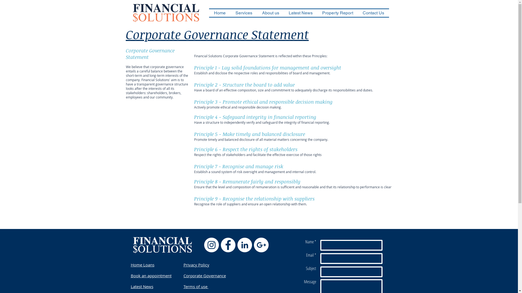 Image resolution: width=522 pixels, height=293 pixels. What do you see at coordinates (204, 275) in the screenshot?
I see `'Corporate Governance'` at bounding box center [204, 275].